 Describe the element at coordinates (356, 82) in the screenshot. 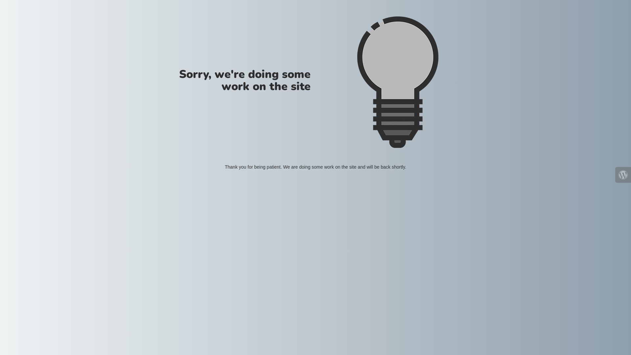

I see `'Switching on the site soon ...'` at that location.